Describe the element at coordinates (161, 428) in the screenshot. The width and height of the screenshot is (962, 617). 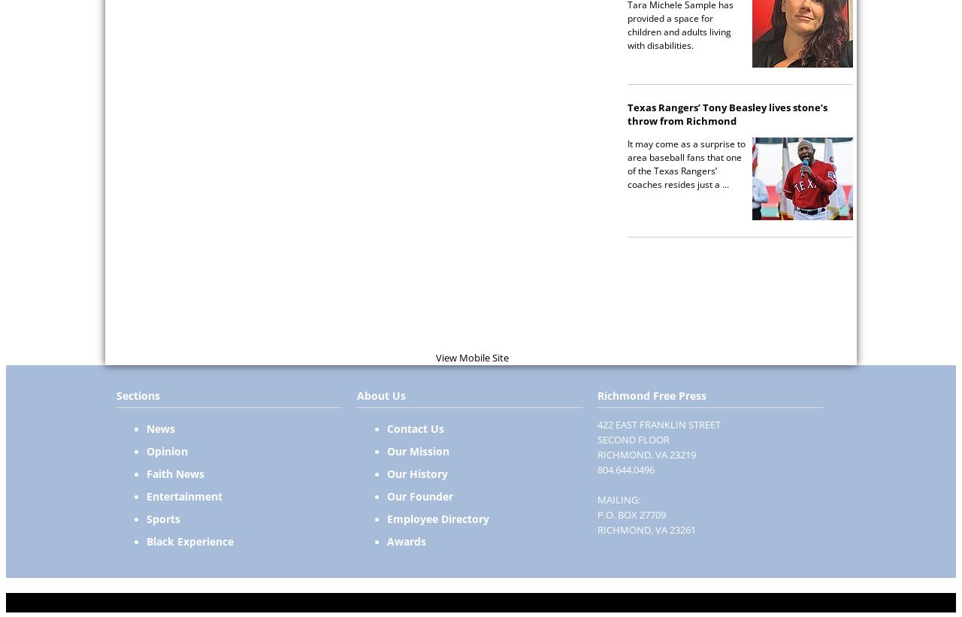
I see `'News'` at that location.